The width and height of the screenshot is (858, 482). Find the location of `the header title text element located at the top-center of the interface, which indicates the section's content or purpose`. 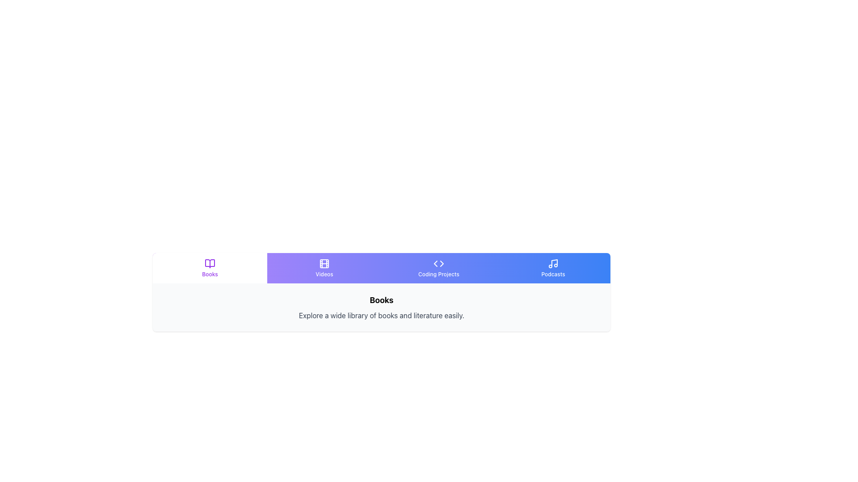

the header title text element located at the top-center of the interface, which indicates the section's content or purpose is located at coordinates (382, 300).